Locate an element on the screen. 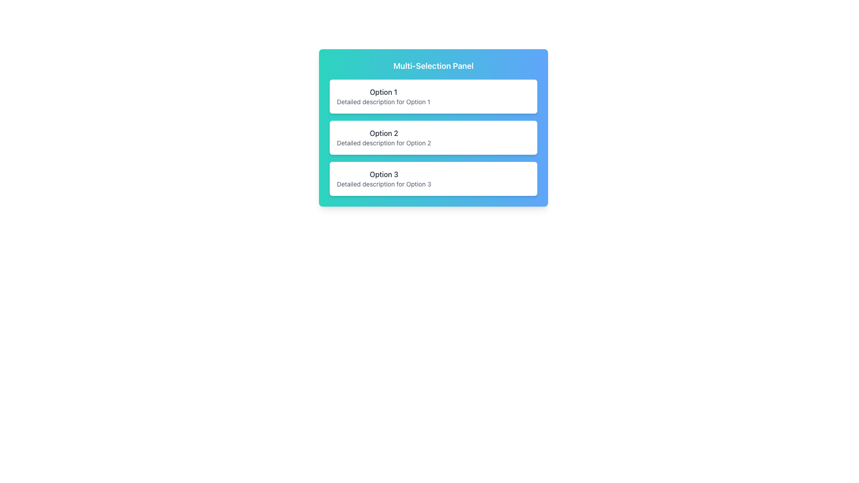  the third option card labeled 'Option 3' in the 'Multi-Selection Panel' is located at coordinates (434, 179).